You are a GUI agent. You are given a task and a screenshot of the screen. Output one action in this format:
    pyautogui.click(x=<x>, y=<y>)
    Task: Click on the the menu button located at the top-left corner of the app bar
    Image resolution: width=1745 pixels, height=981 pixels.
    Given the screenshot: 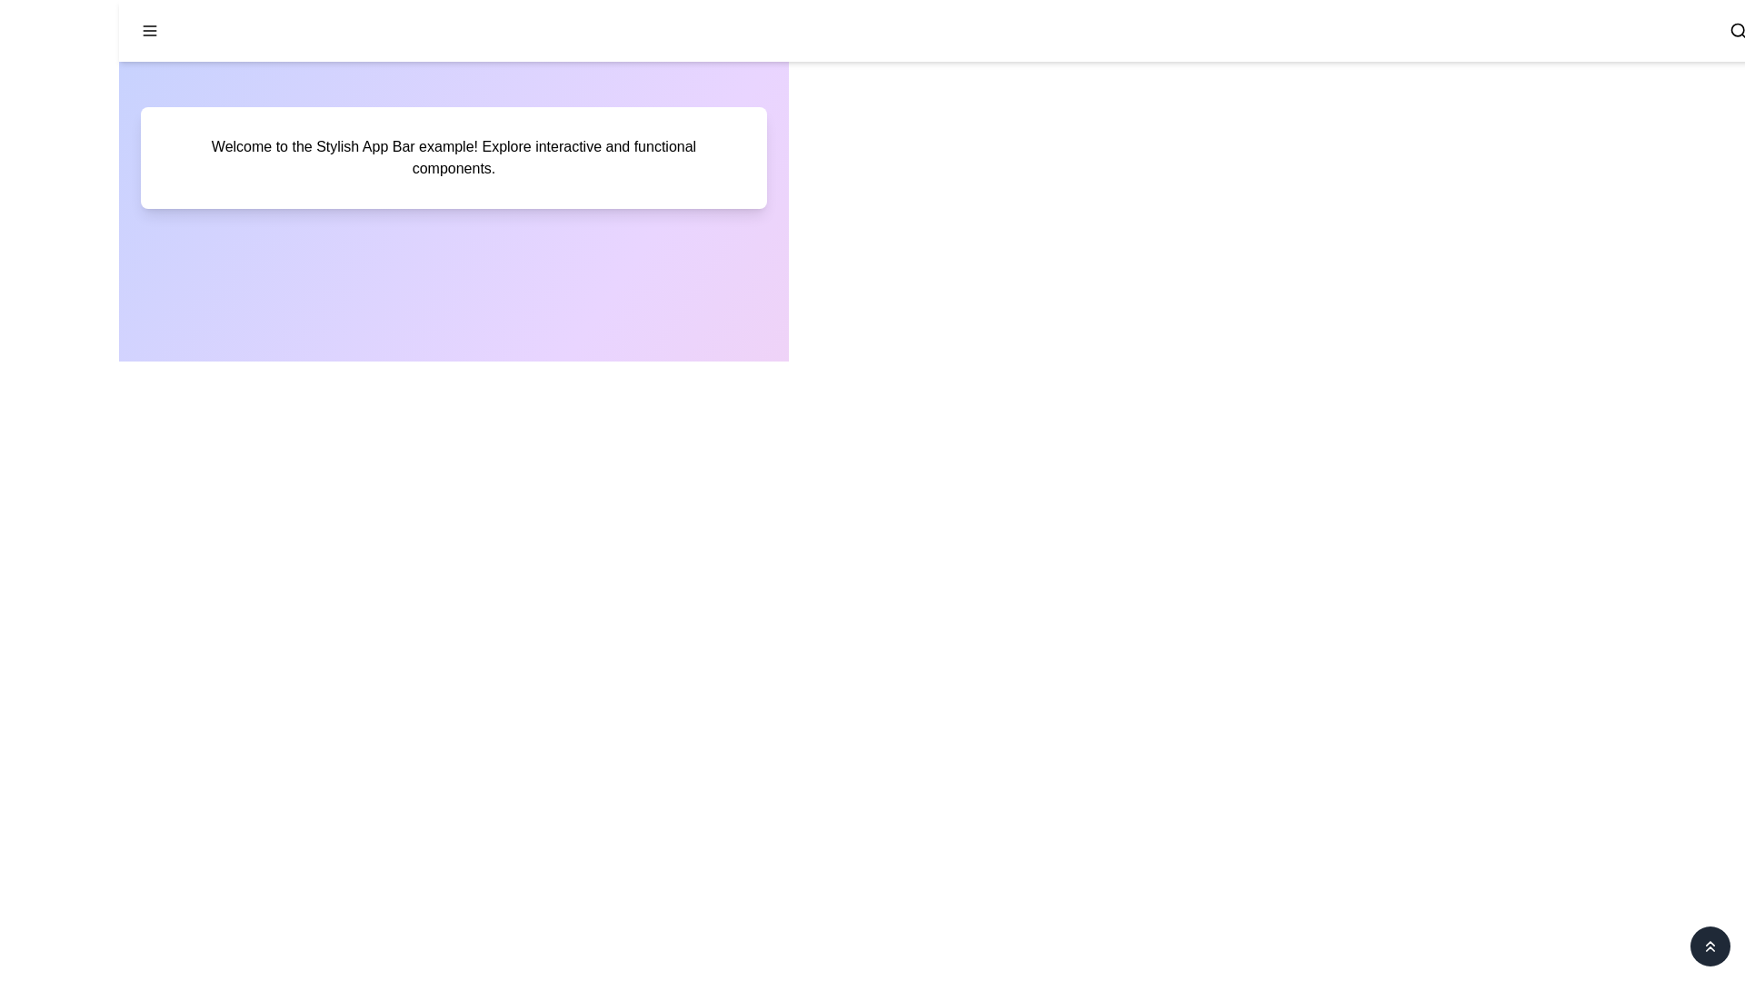 What is the action you would take?
    pyautogui.click(x=149, y=31)
    